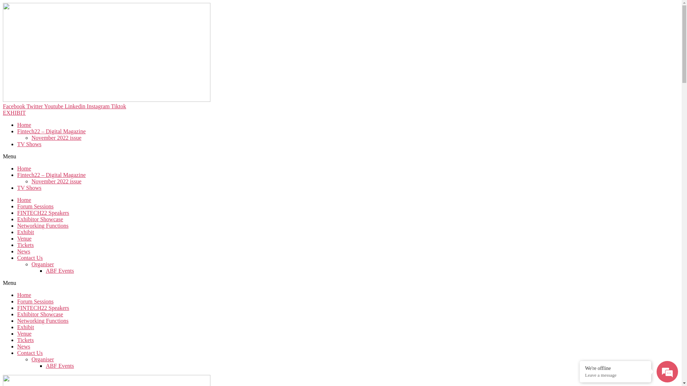 The image size is (687, 386). What do you see at coordinates (24, 238) in the screenshot?
I see `'Venue'` at bounding box center [24, 238].